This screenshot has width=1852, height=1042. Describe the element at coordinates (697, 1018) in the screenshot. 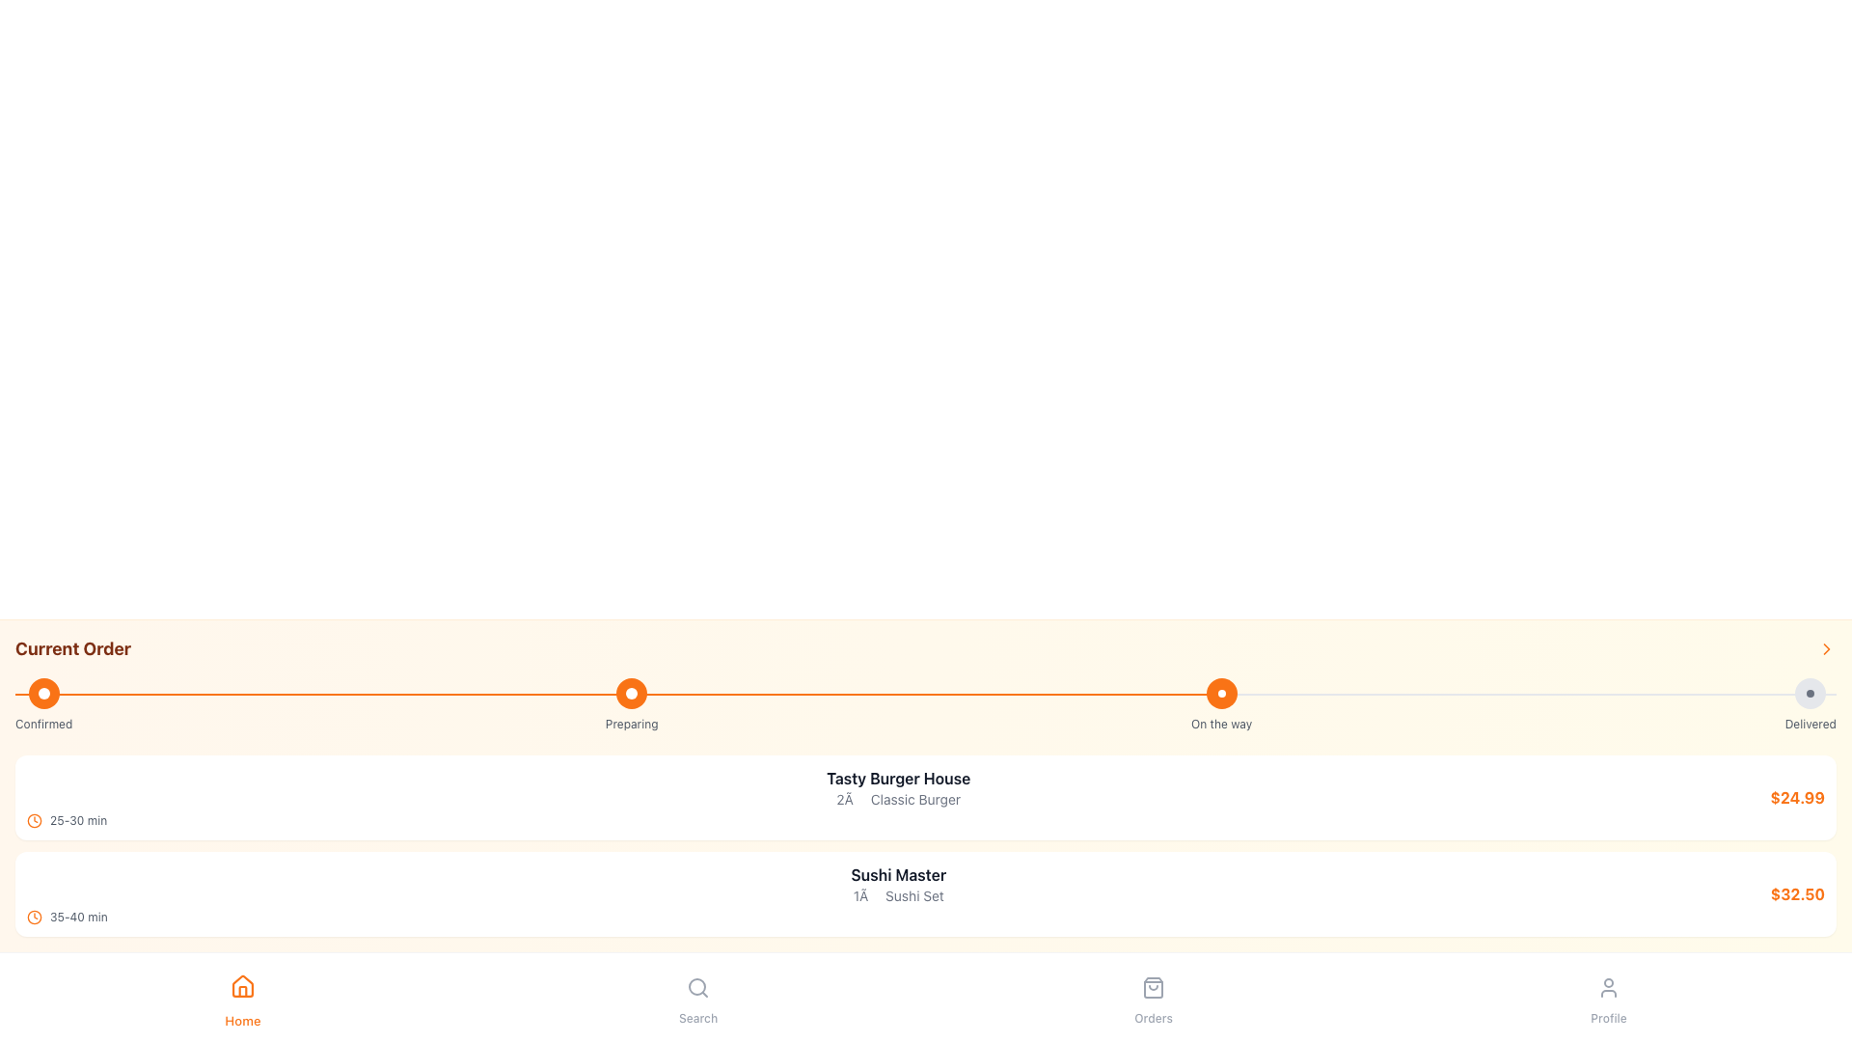

I see `the 'Search' label, which is a small gray text label located beneath a magnifying glass icon in the navigation bar` at that location.